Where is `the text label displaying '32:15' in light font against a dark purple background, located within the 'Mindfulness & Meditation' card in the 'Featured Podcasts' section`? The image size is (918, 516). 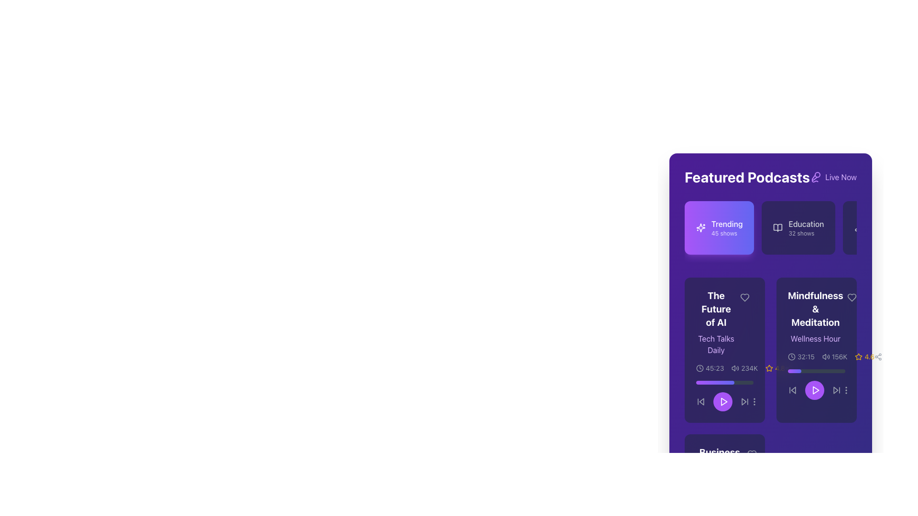
the text label displaying '32:15' in light font against a dark purple background, located within the 'Mindfulness & Meditation' card in the 'Featured Podcasts' section is located at coordinates (805, 357).